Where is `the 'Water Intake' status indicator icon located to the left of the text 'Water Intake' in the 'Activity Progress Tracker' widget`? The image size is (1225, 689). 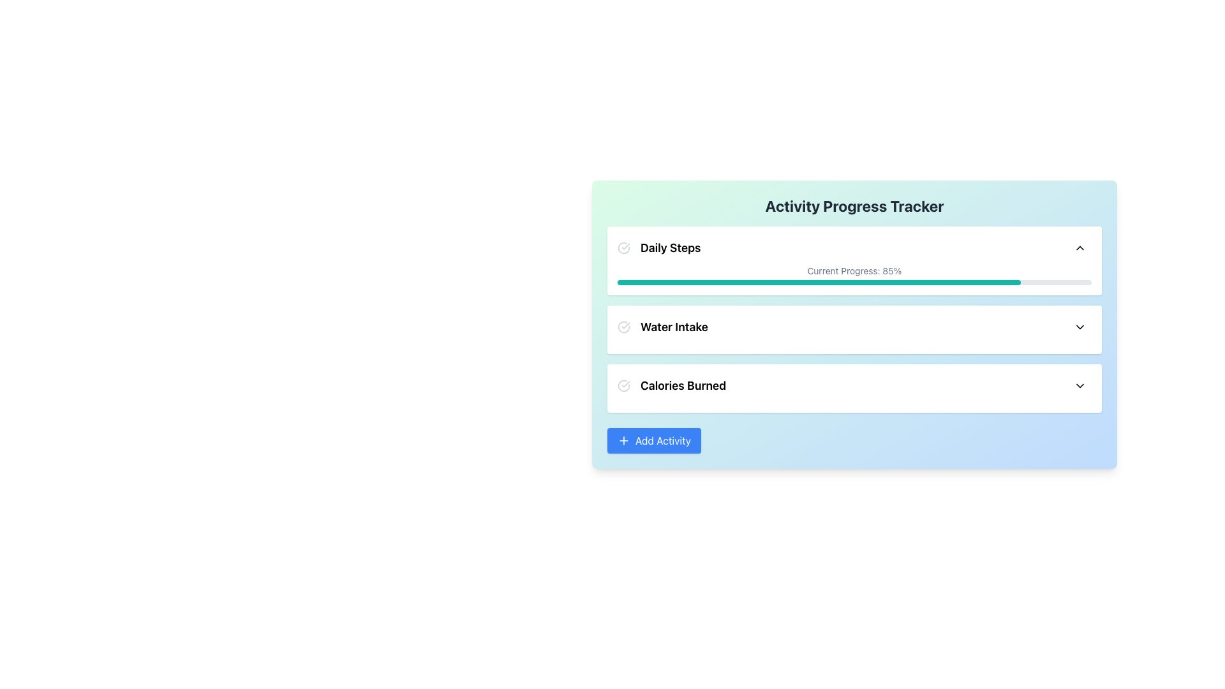
the 'Water Intake' status indicator icon located to the left of the text 'Water Intake' in the 'Activity Progress Tracker' widget is located at coordinates (624, 327).